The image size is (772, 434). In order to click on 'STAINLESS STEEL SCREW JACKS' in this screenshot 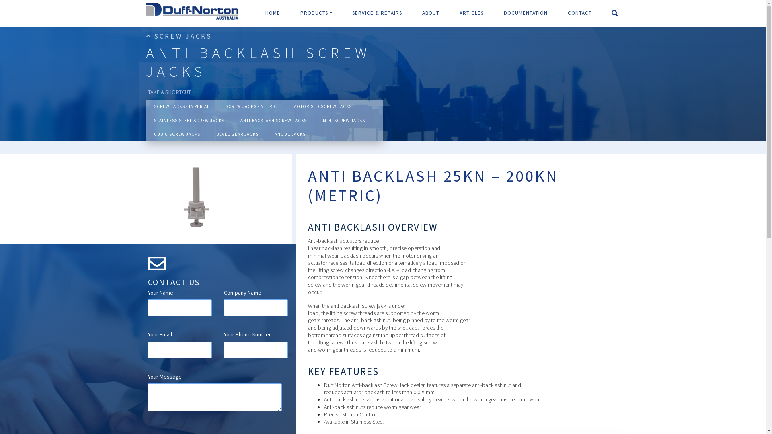, I will do `click(154, 121)`.